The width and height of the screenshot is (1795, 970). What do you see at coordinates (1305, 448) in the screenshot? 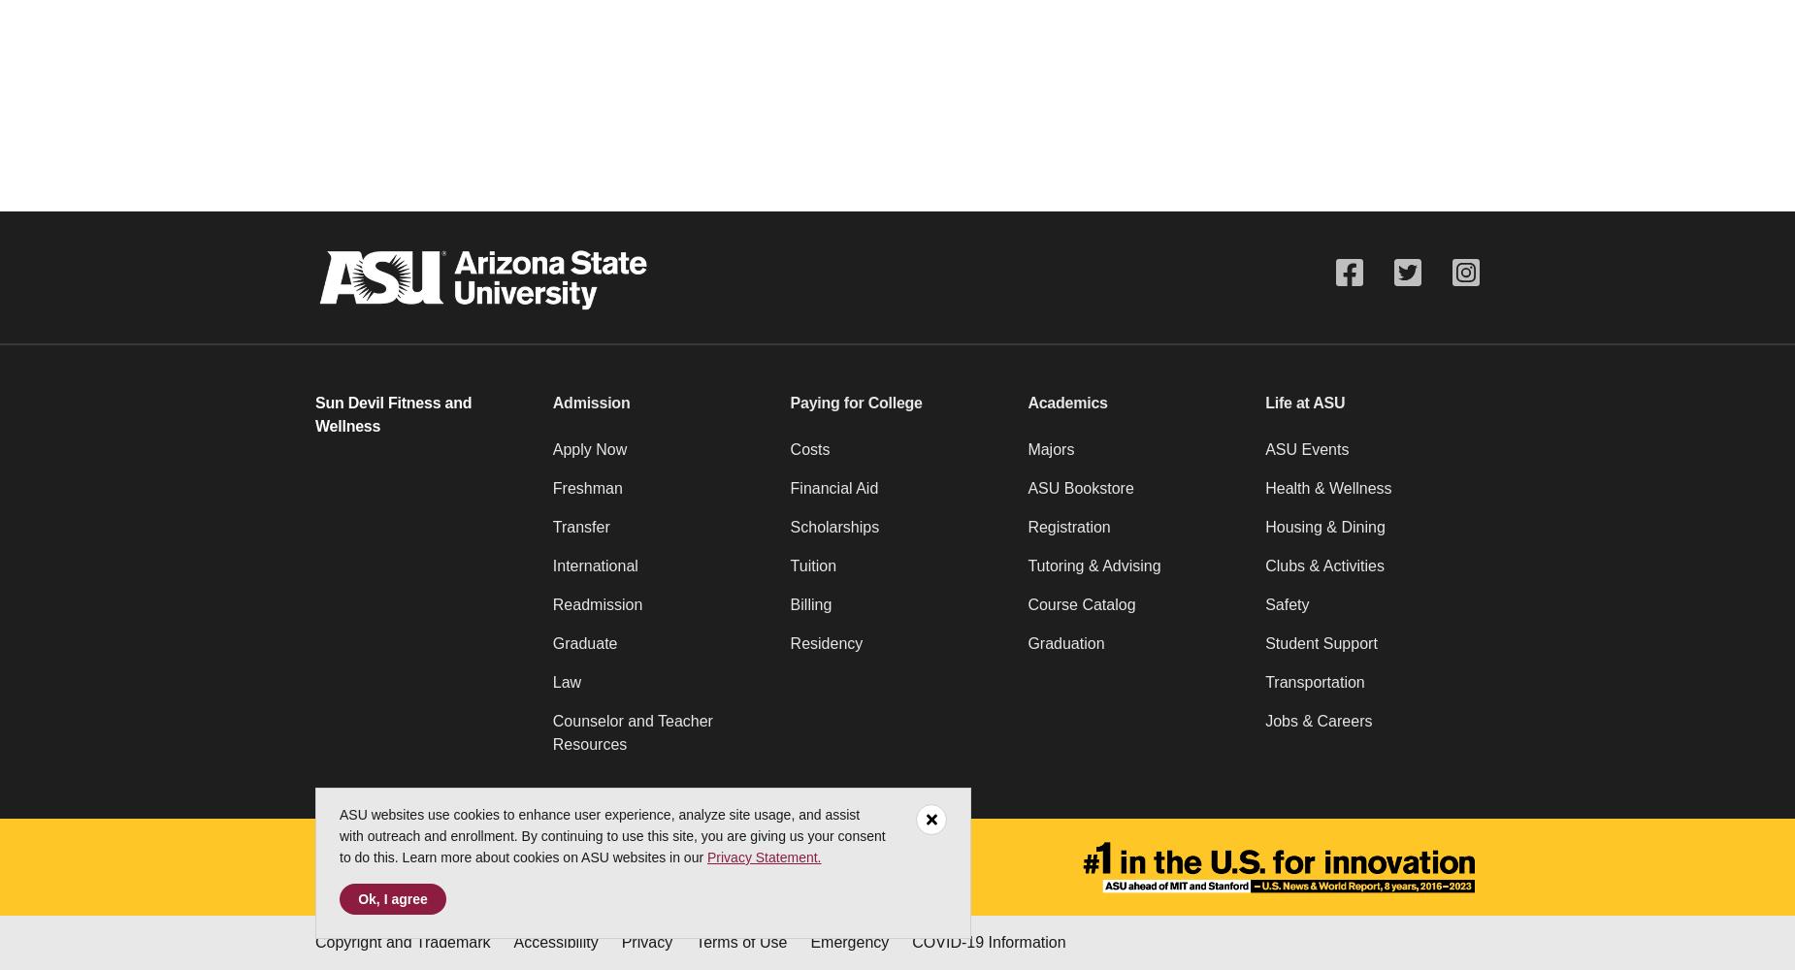
I see `'ASU Events'` at bounding box center [1305, 448].